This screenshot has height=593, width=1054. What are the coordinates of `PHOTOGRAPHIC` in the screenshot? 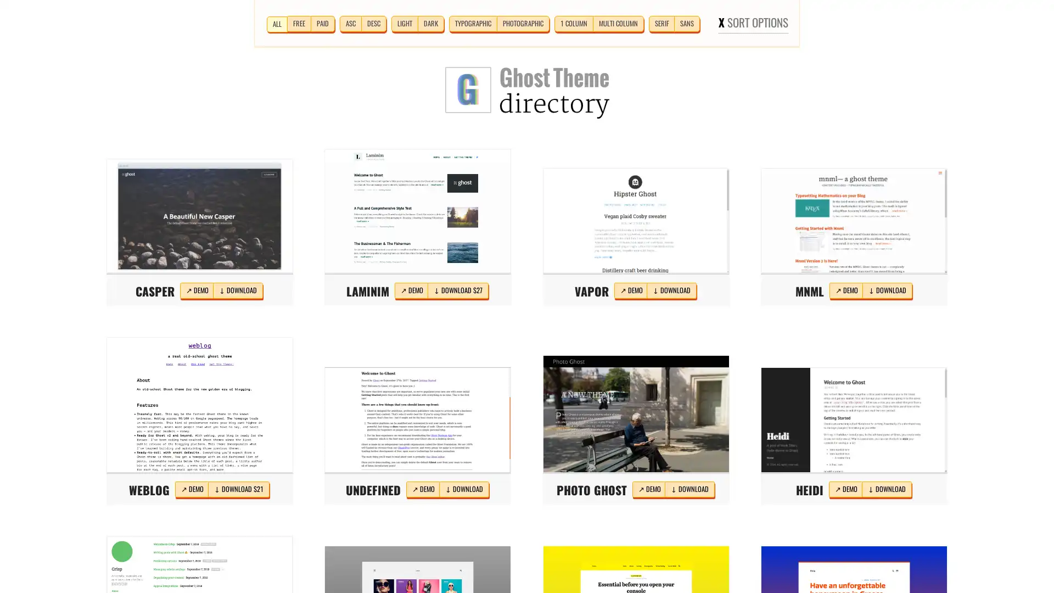 It's located at (522, 23).